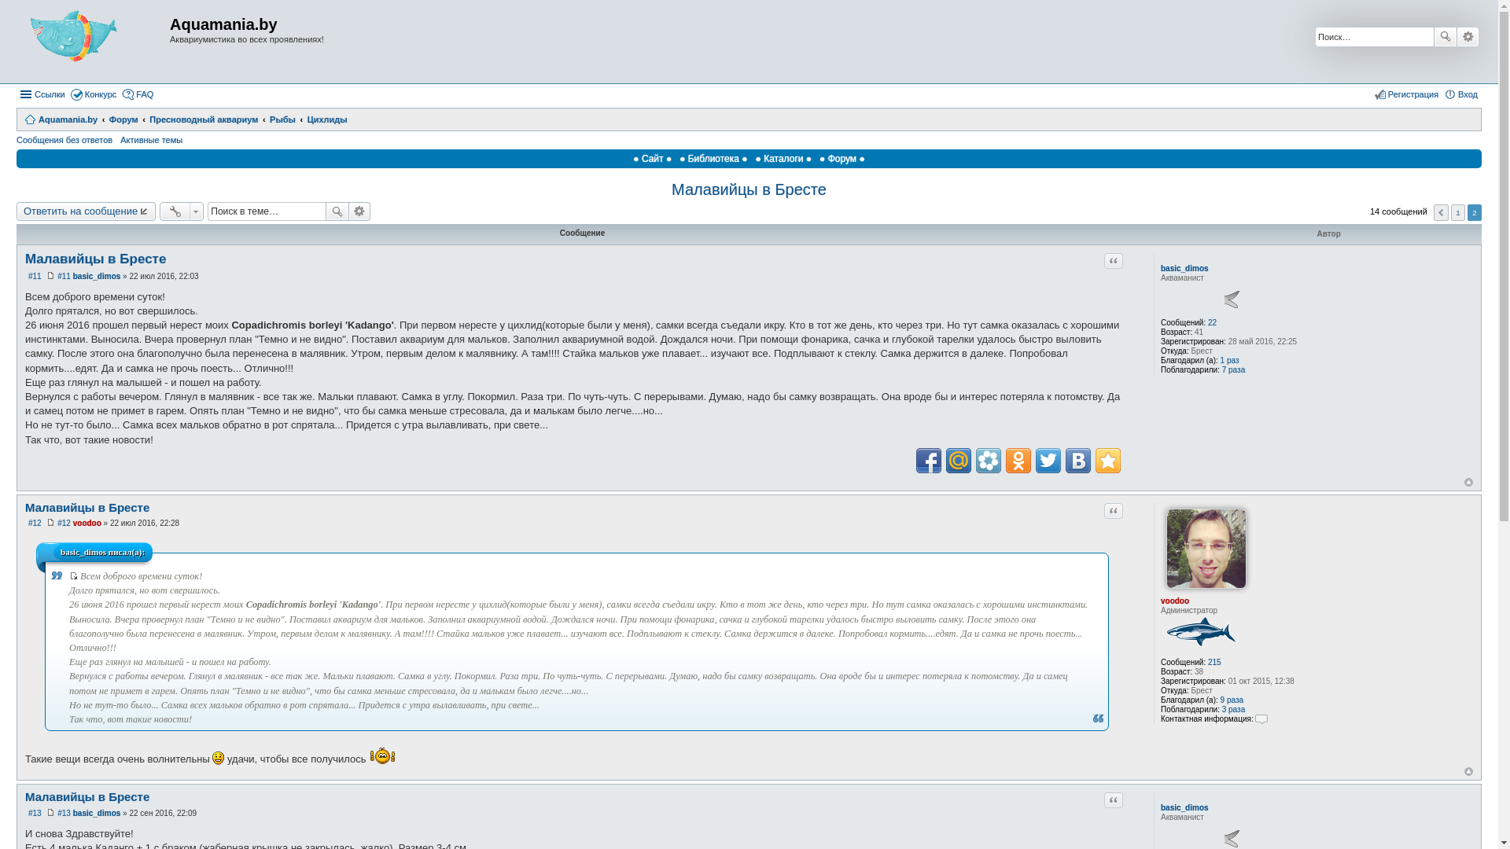  Describe the element at coordinates (1457, 212) in the screenshot. I see `'1'` at that location.